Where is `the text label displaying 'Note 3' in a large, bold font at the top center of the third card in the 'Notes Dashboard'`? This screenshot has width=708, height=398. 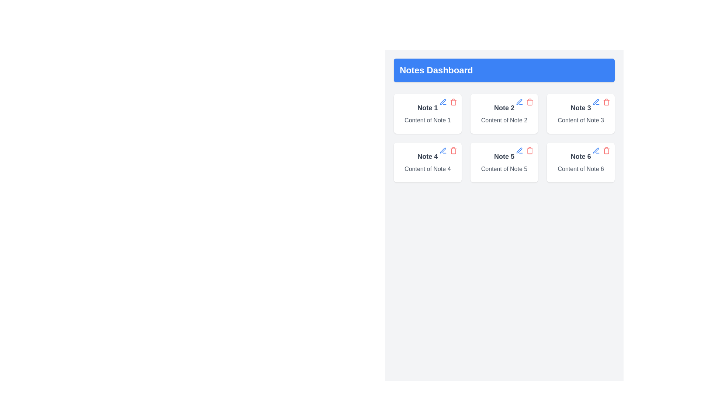
the text label displaying 'Note 3' in a large, bold font at the top center of the third card in the 'Notes Dashboard' is located at coordinates (580, 108).